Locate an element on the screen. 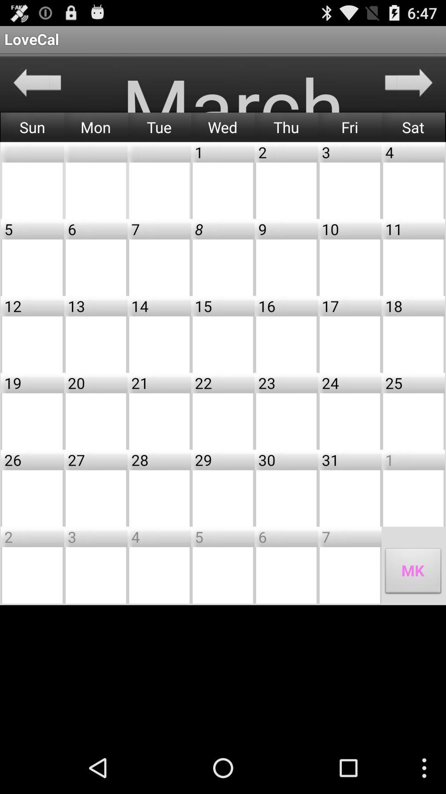 This screenshot has width=446, height=794. the minus icon is located at coordinates (32, 533).